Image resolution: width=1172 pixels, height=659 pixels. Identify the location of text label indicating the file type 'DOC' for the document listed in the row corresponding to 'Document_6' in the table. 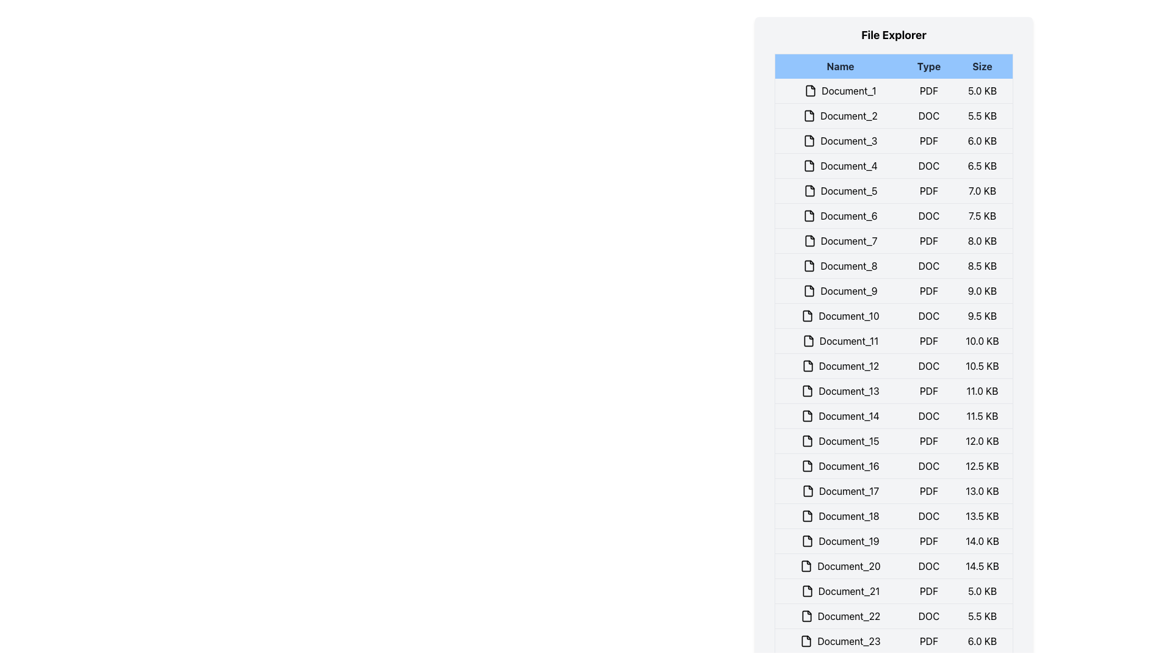
(928, 215).